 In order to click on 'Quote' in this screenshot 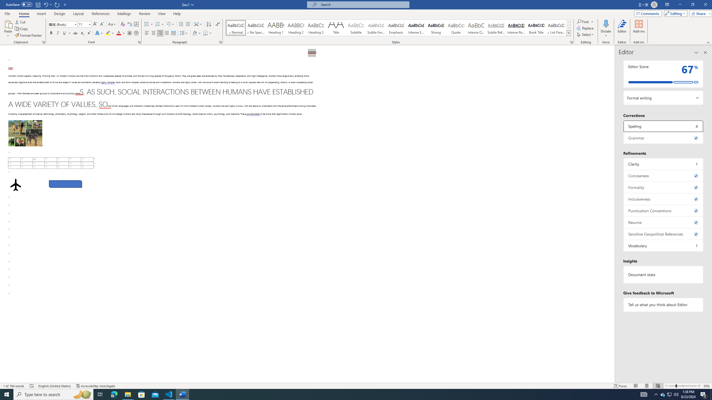, I will do `click(456, 27)`.